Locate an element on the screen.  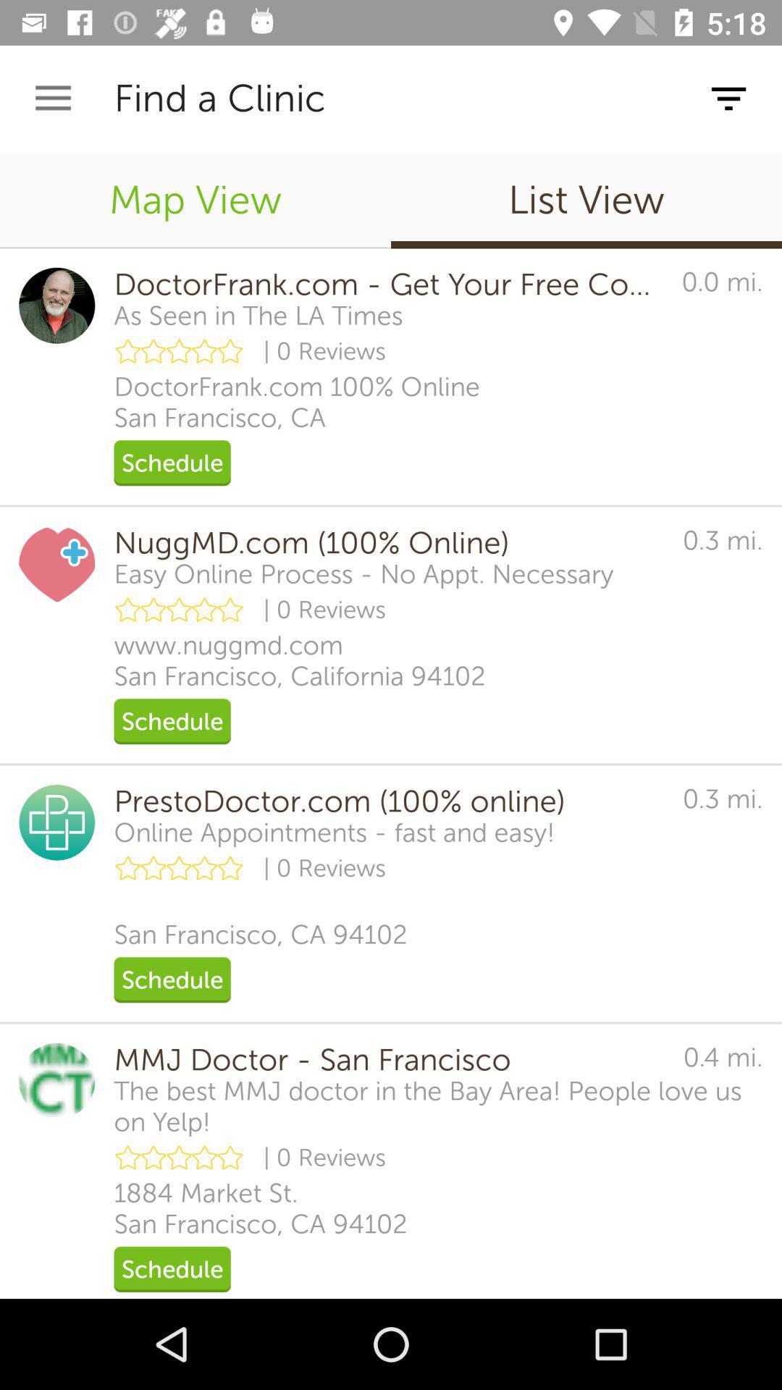
the icon next to the 0.0 mi. icon is located at coordinates (258, 315).